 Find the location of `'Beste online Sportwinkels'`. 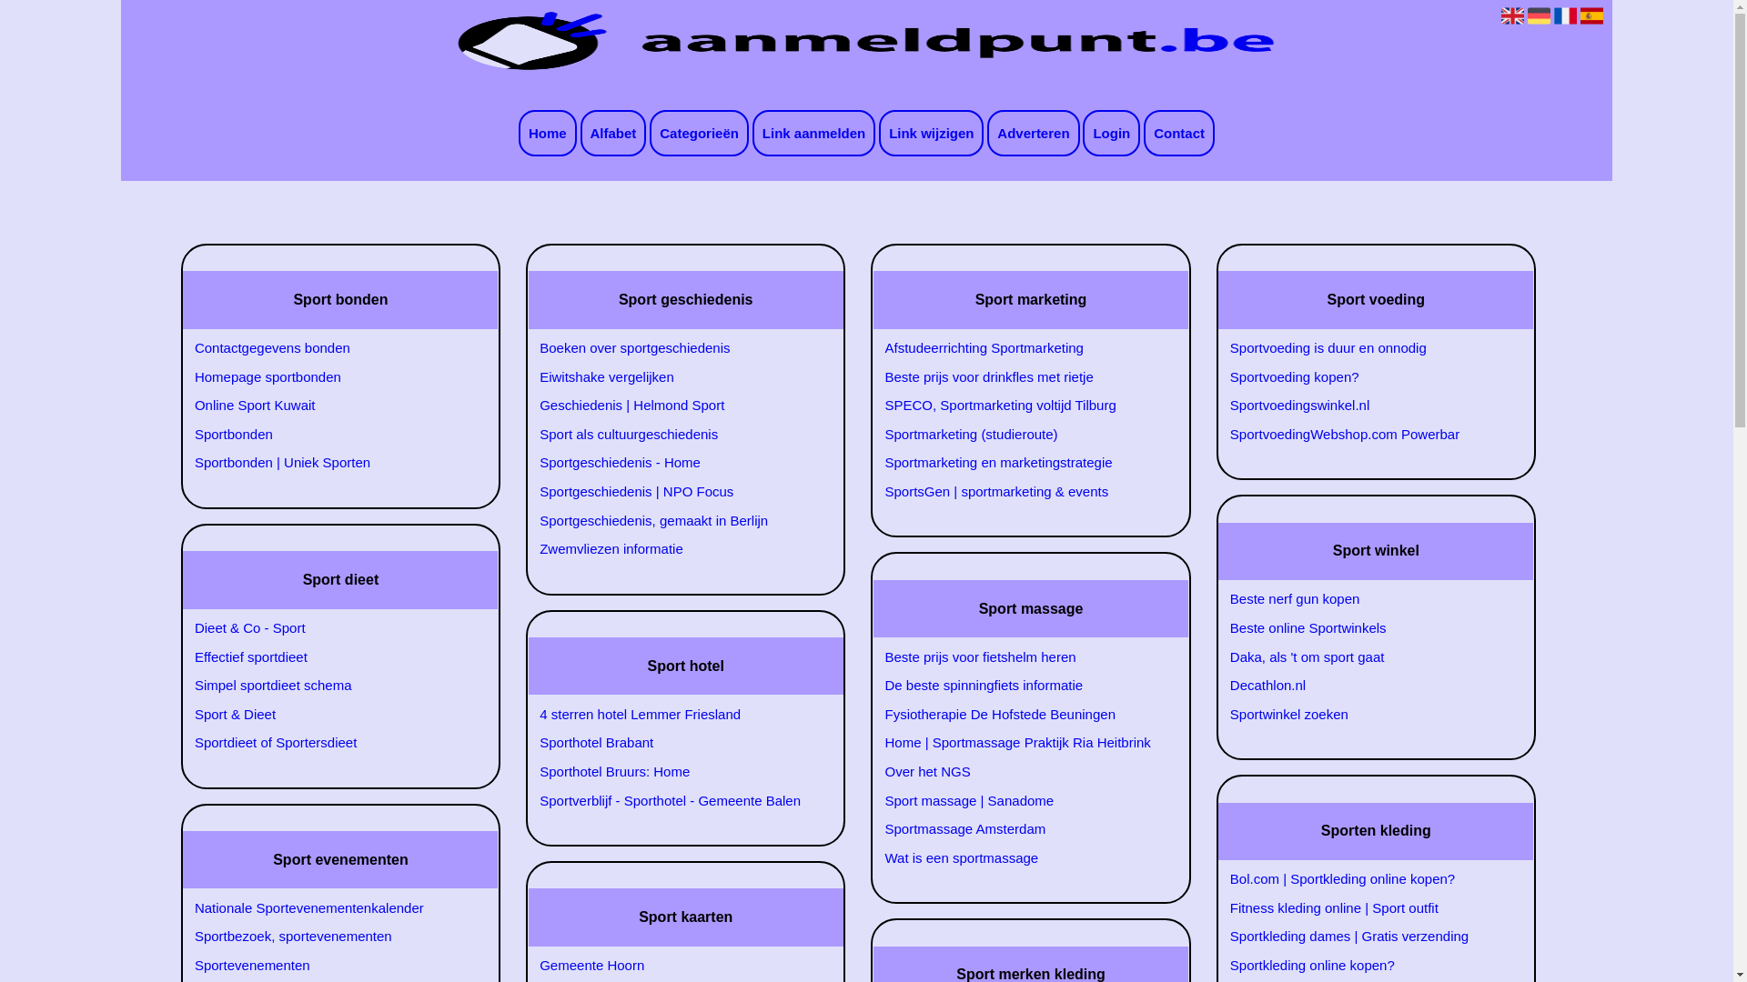

'Beste online Sportwinkels' is located at coordinates (1221, 626).